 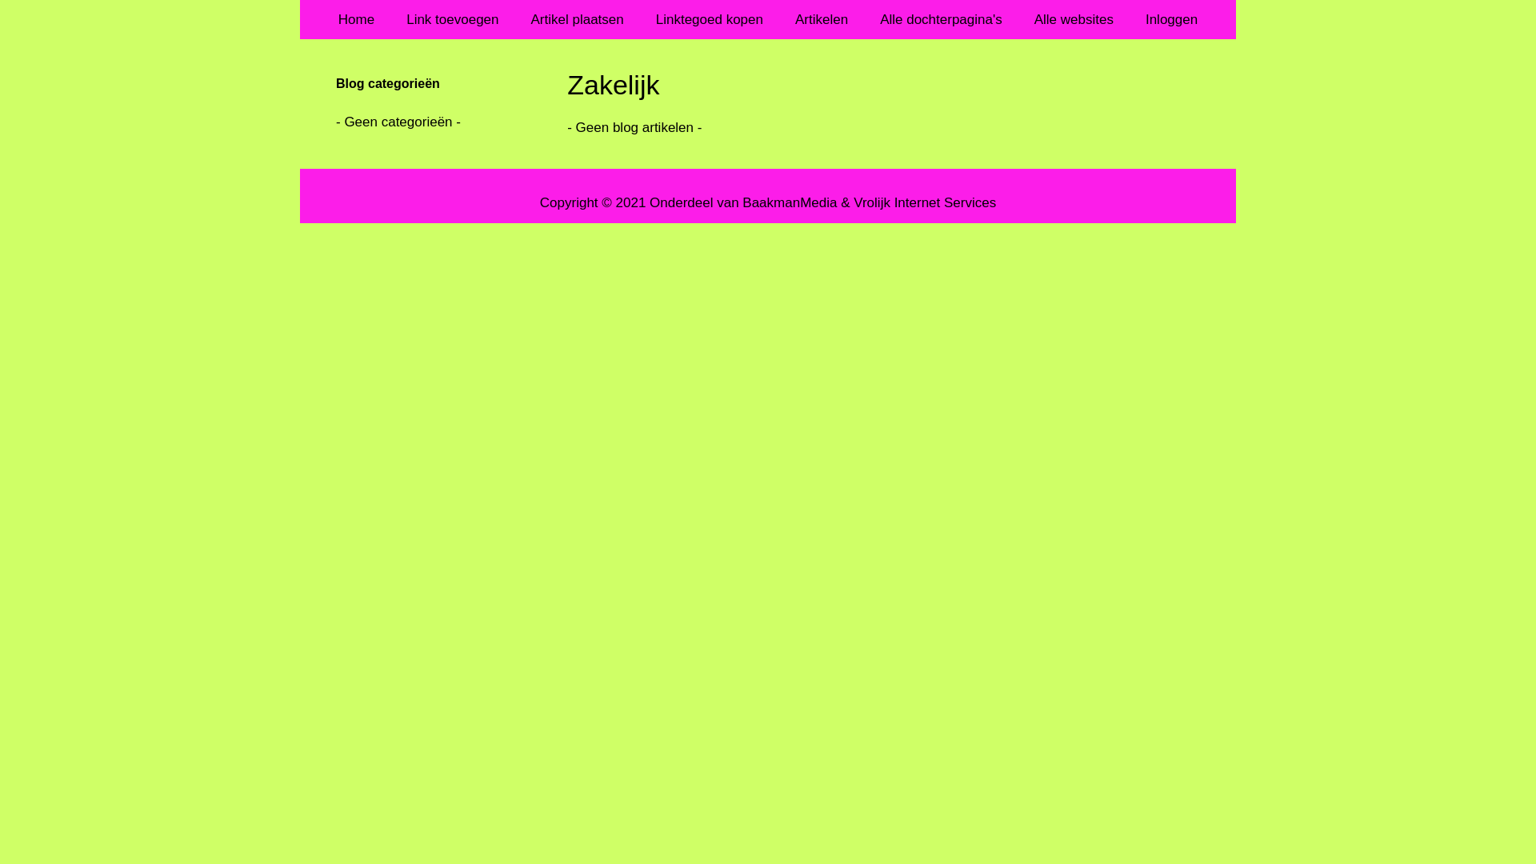 What do you see at coordinates (355, 19) in the screenshot?
I see `'Home'` at bounding box center [355, 19].